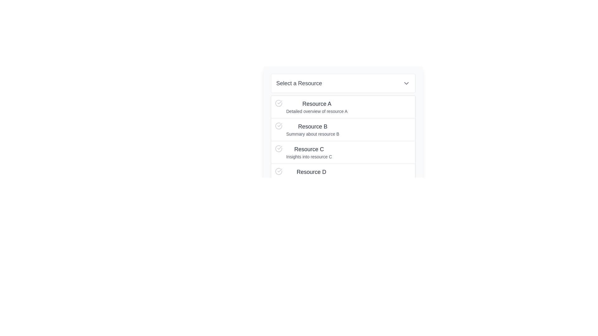 Image resolution: width=598 pixels, height=336 pixels. I want to click on the first selectable resource item under the 'Select a Resource' dropdown by navigating with the keyboard, so click(343, 106).